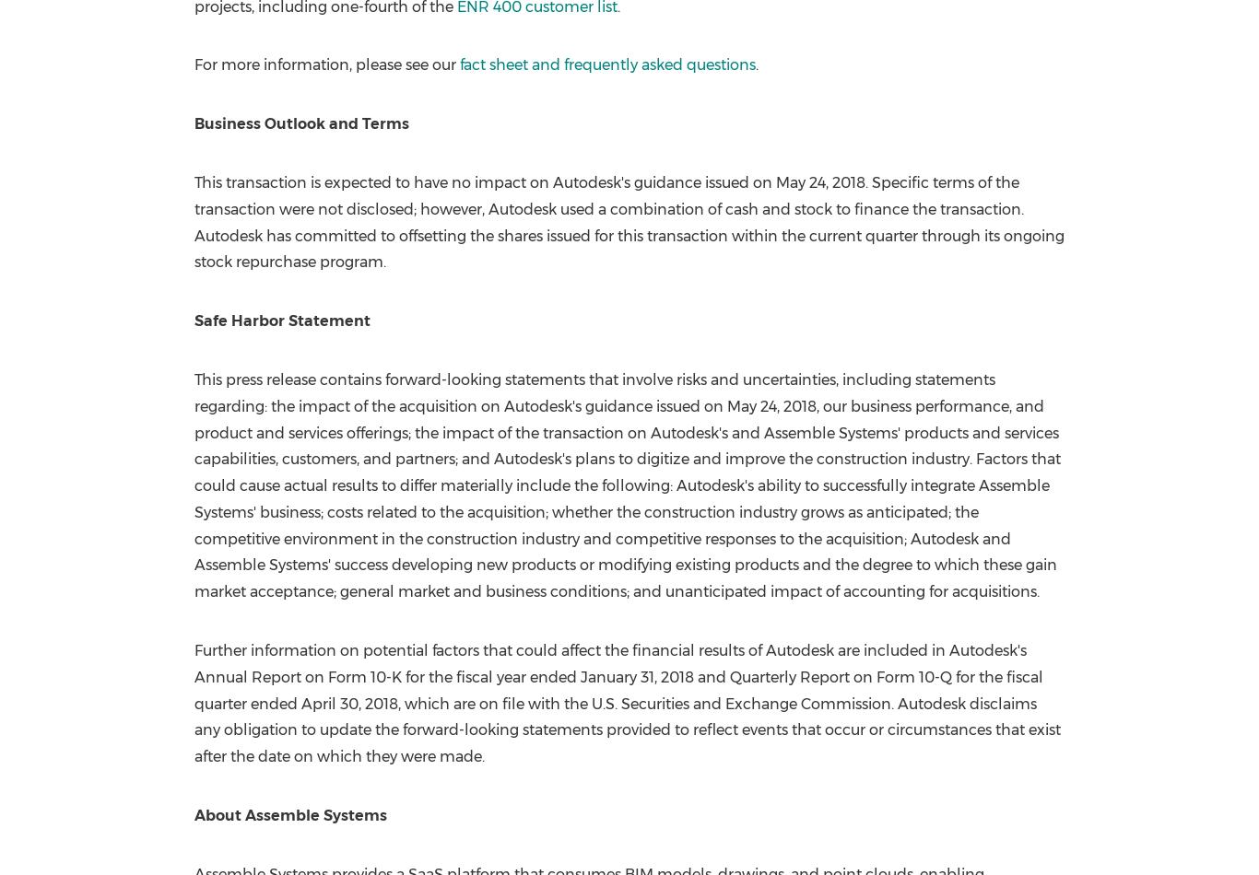 The width and height of the screenshot is (1259, 875). I want to click on 'Further information on potential factors that could affect the financial results of Autodesk are included in Autodesk's Annual Report on Form 10-K for the fiscal year ended', so click(608, 662).